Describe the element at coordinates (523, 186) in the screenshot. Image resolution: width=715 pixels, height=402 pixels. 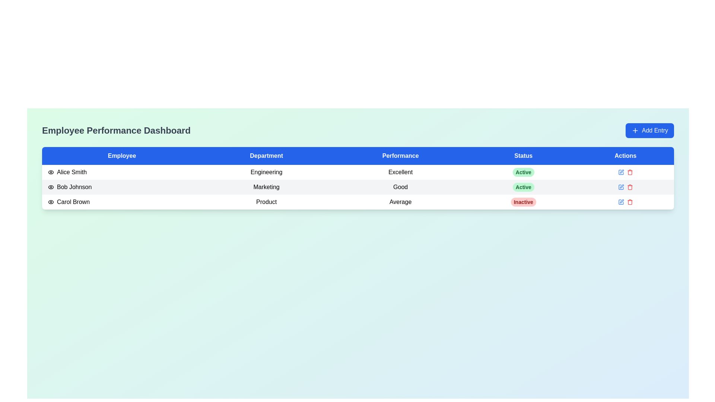
I see `the 'Active' status label in the second row of the table, which indicates the status of 'Bob Johnson'` at that location.